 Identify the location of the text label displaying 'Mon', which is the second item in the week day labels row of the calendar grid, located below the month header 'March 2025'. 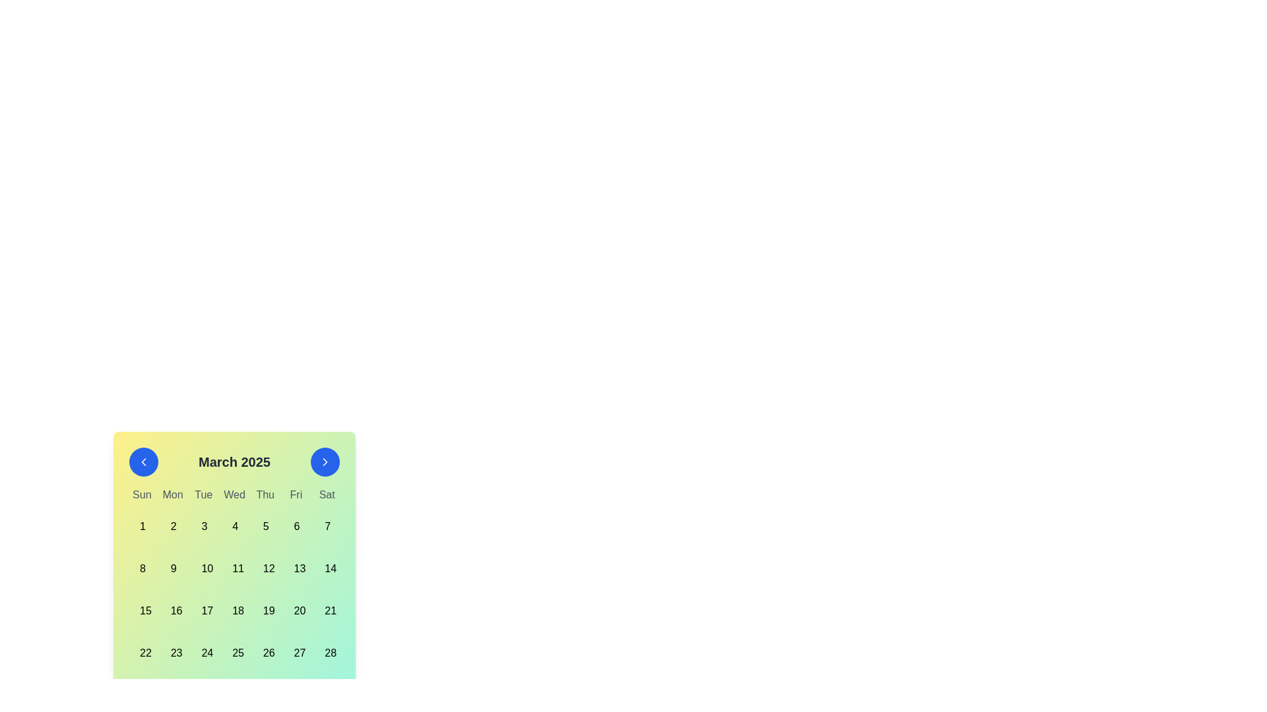
(172, 495).